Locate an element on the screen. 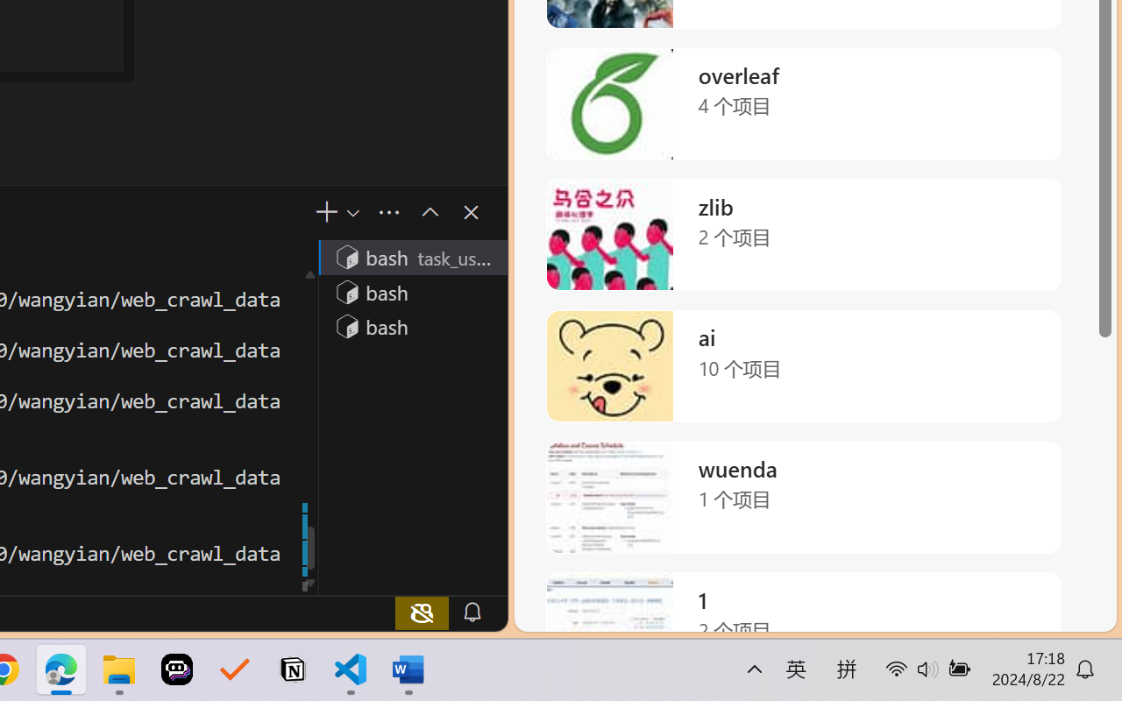 The image size is (1122, 701). 'Views and More Actions...' is located at coordinates (387, 212).